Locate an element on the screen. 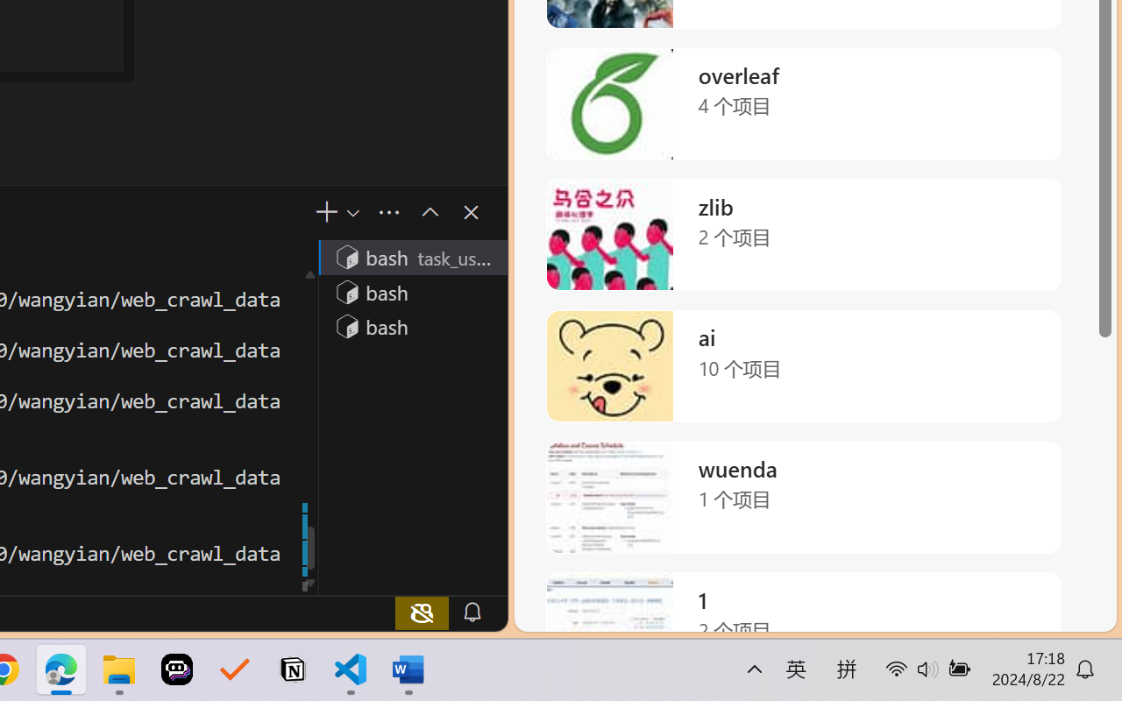 The image size is (1122, 701). 'Views and More Actions...' is located at coordinates (387, 212).